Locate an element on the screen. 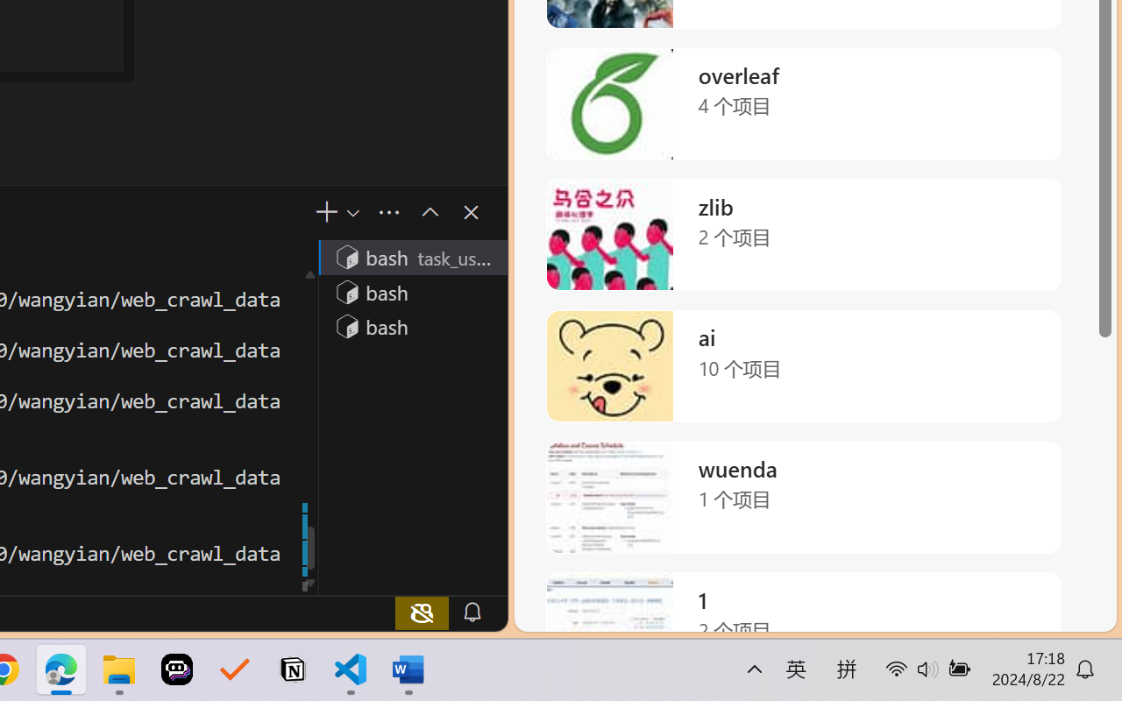 The image size is (1122, 701). 'Views and More Actions...' is located at coordinates (387, 212).